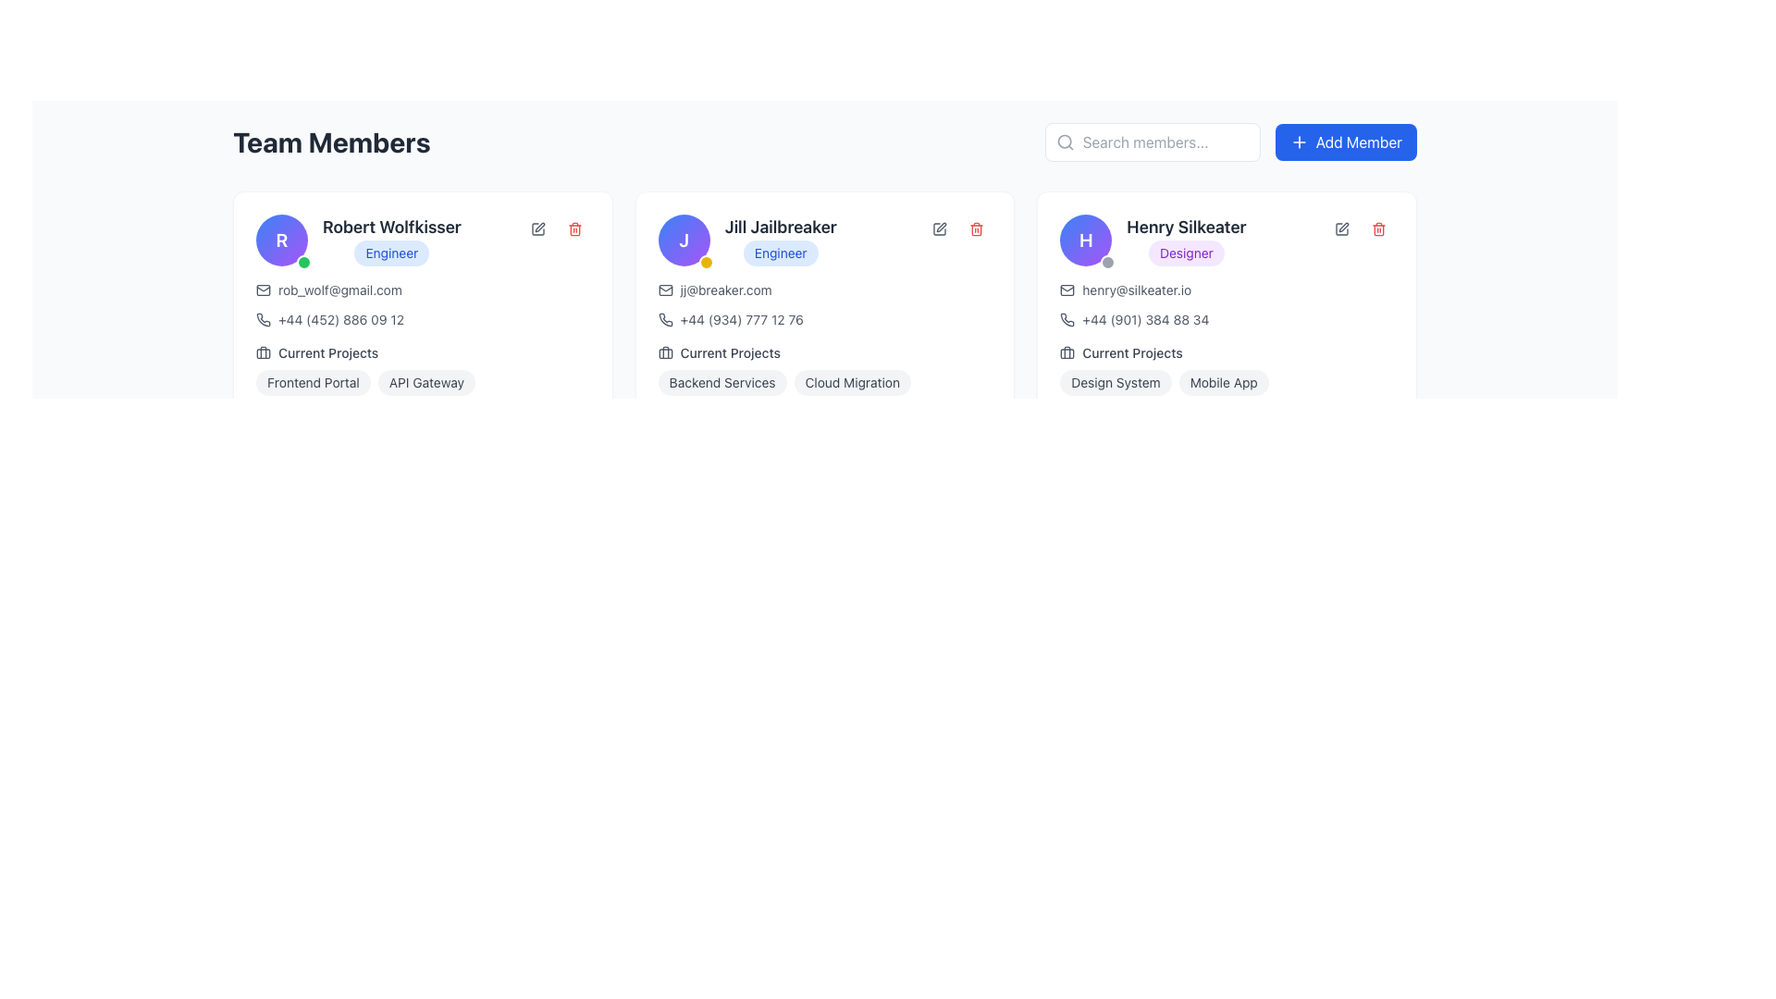 Image resolution: width=1776 pixels, height=999 pixels. Describe the element at coordinates (1136, 290) in the screenshot. I see `the mailto hyperlink for 'Henry Silkeater'` at that location.